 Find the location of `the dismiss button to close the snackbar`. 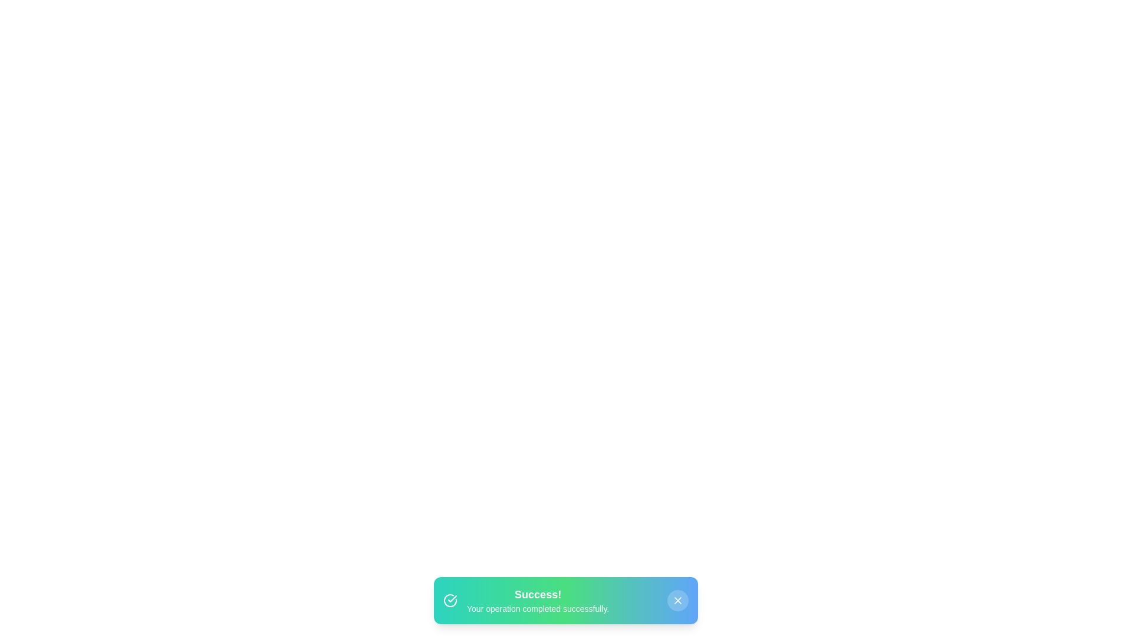

the dismiss button to close the snackbar is located at coordinates (678, 600).